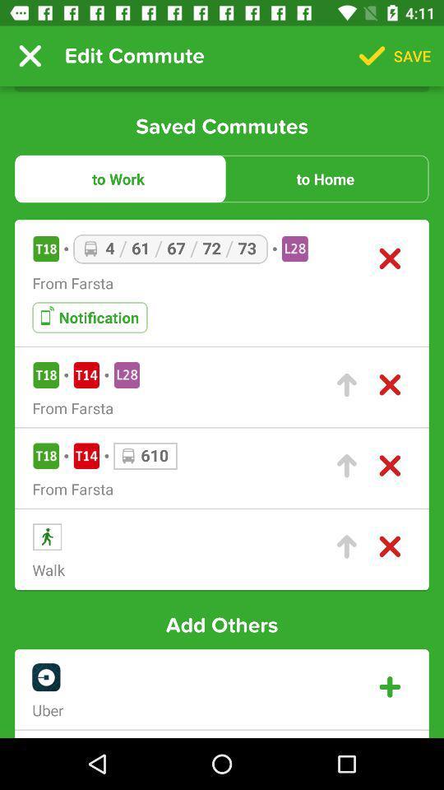  Describe the element at coordinates (389, 258) in the screenshot. I see `delete the commute` at that location.